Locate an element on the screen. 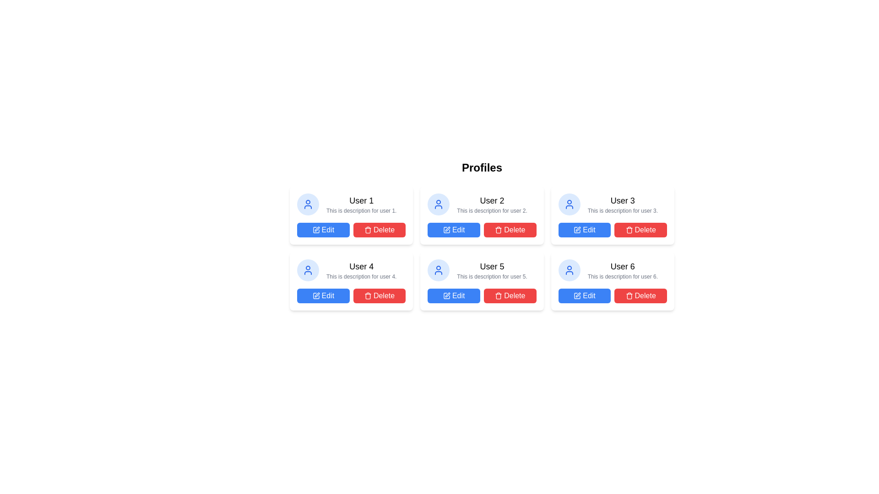  the 'Profiles' heading, which is displayed in a large, bold font and positioned centrally at the top of the layout above user profile cards is located at coordinates (481, 167).